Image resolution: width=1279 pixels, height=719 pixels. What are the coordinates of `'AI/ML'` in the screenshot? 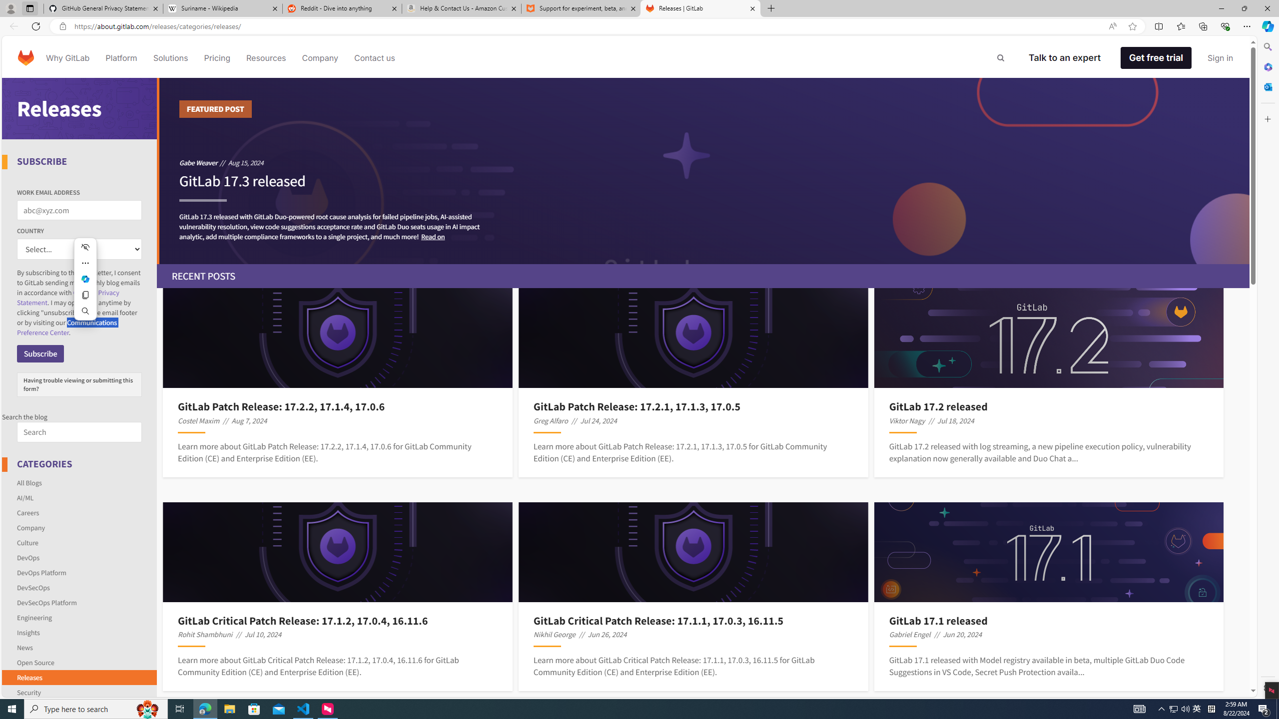 It's located at (79, 497).